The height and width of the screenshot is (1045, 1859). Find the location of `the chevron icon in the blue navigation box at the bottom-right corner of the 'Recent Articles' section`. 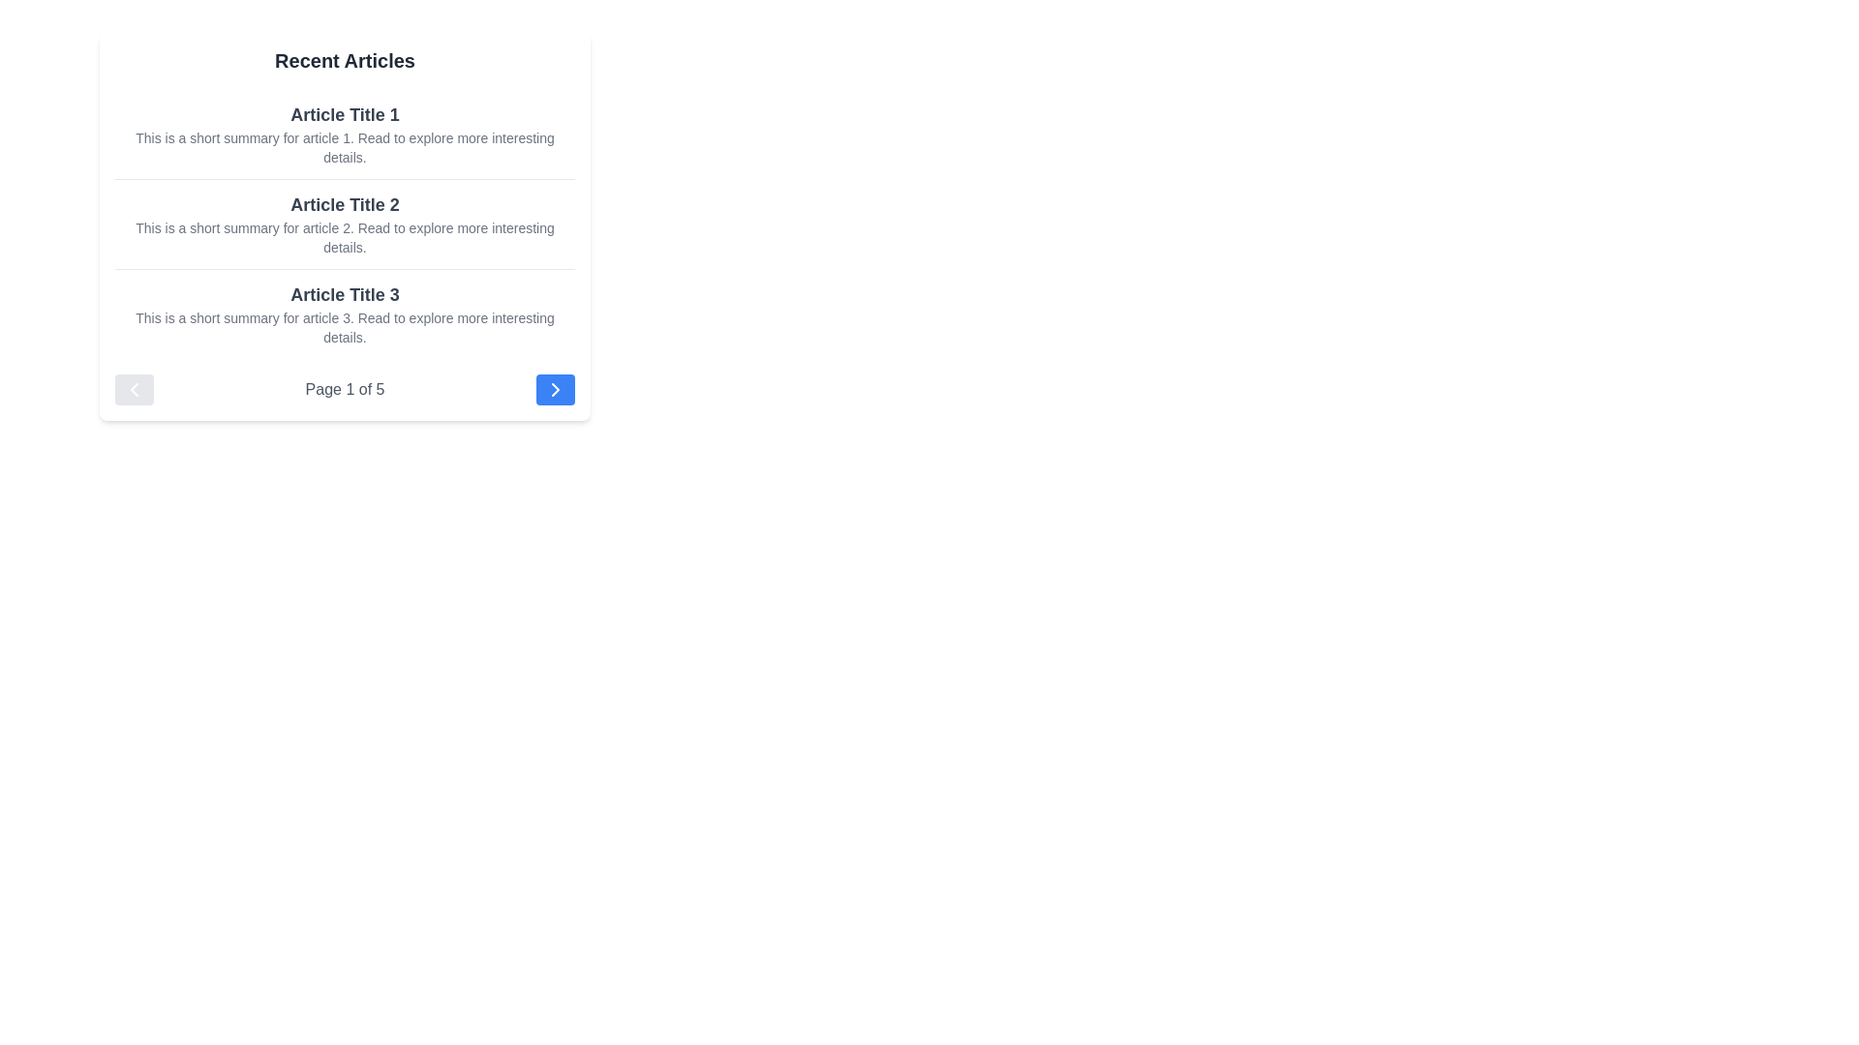

the chevron icon in the blue navigation box at the bottom-right corner of the 'Recent Articles' section is located at coordinates (554, 389).